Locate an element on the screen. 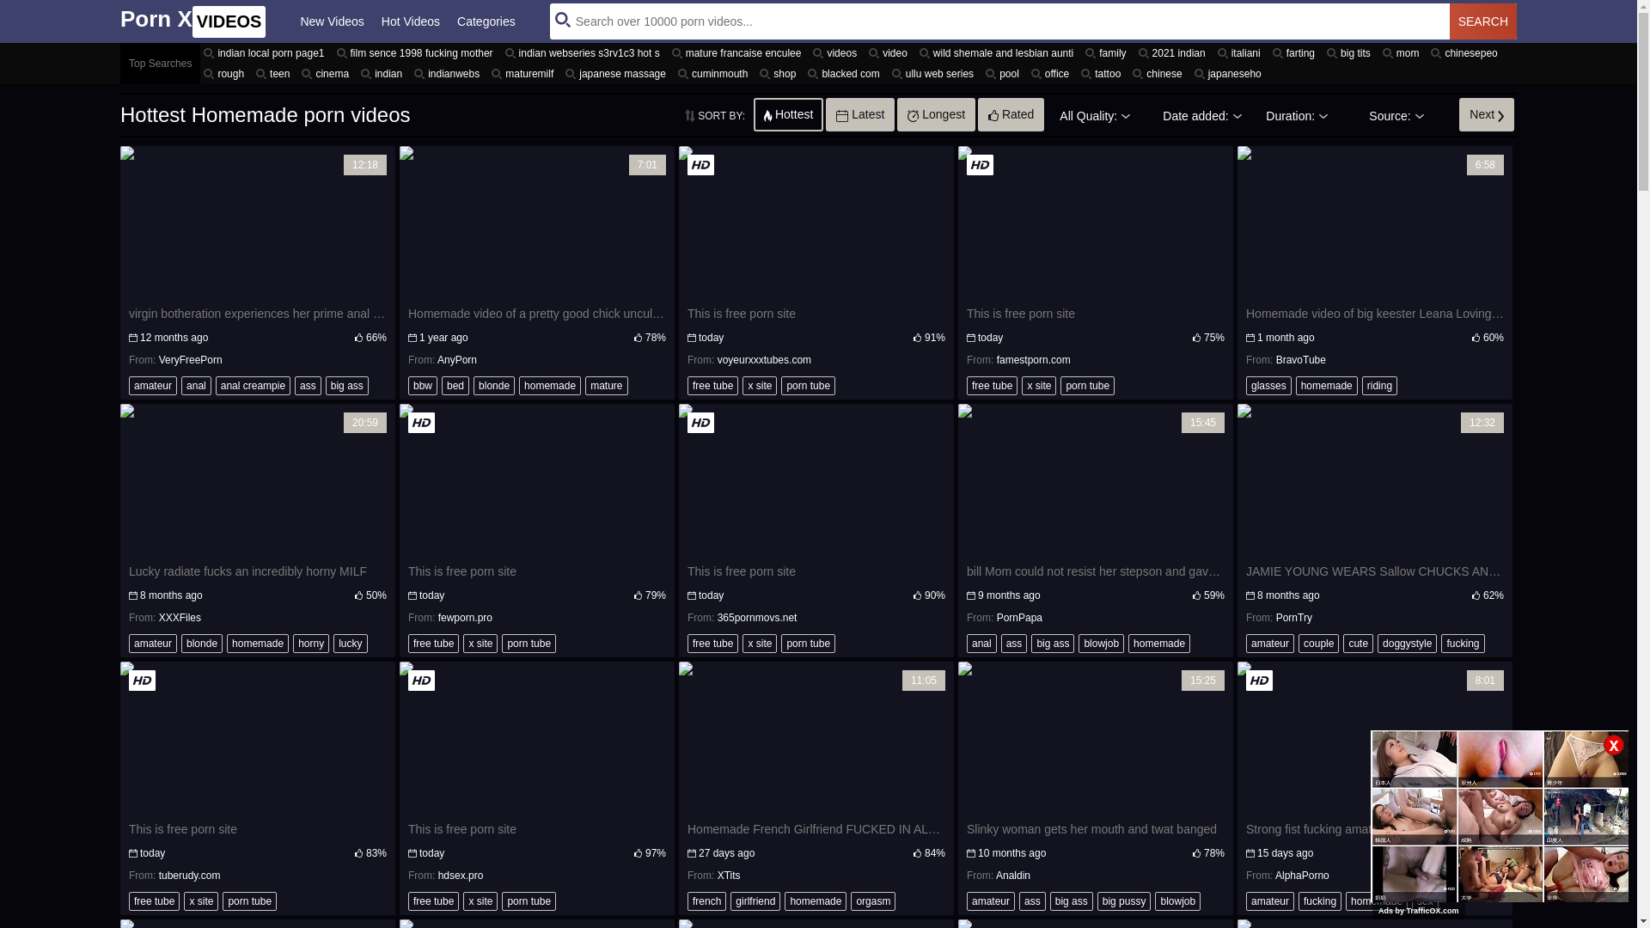 The height and width of the screenshot is (928, 1650). 'big ass' is located at coordinates (1051, 643).